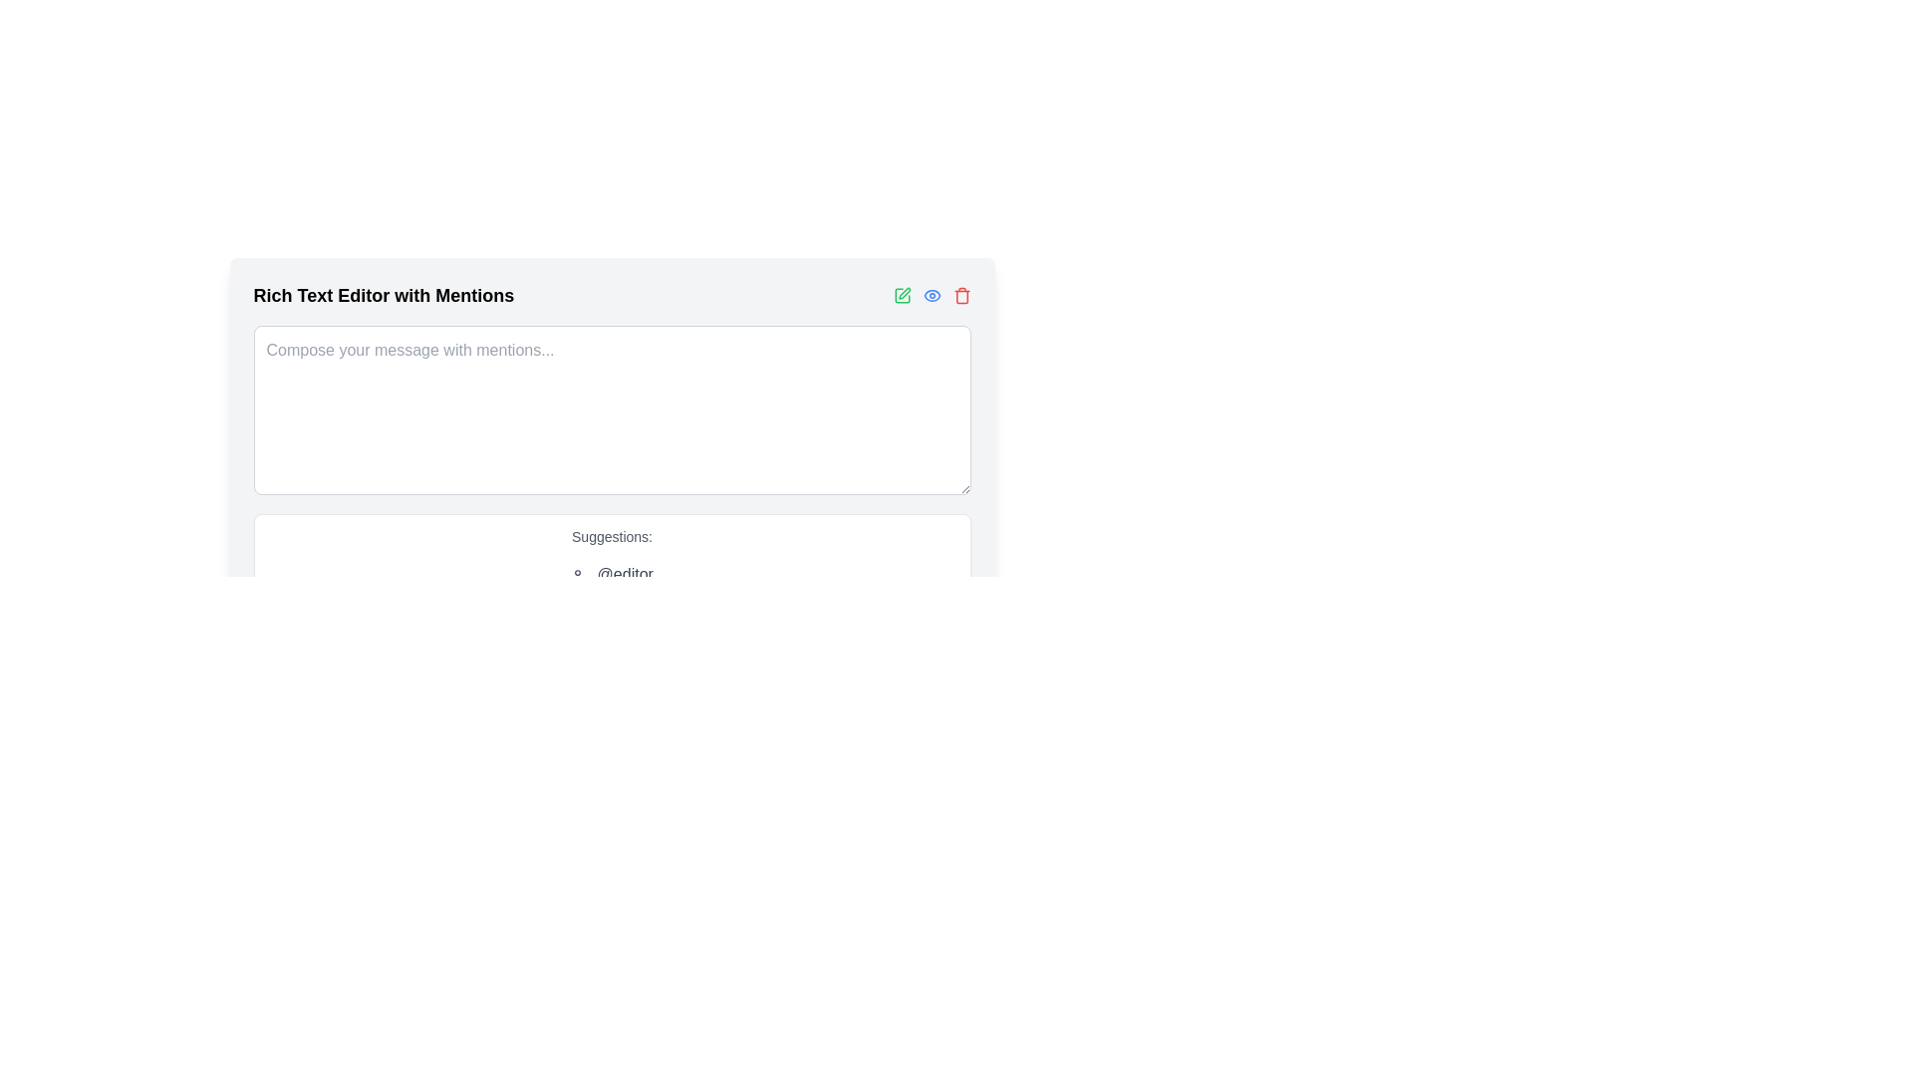  I want to click on the second icon in the horizontal group of three interactive icons ('Edit', 'View', 'Delete') at the top-right of the text editor interface, so click(931, 296).